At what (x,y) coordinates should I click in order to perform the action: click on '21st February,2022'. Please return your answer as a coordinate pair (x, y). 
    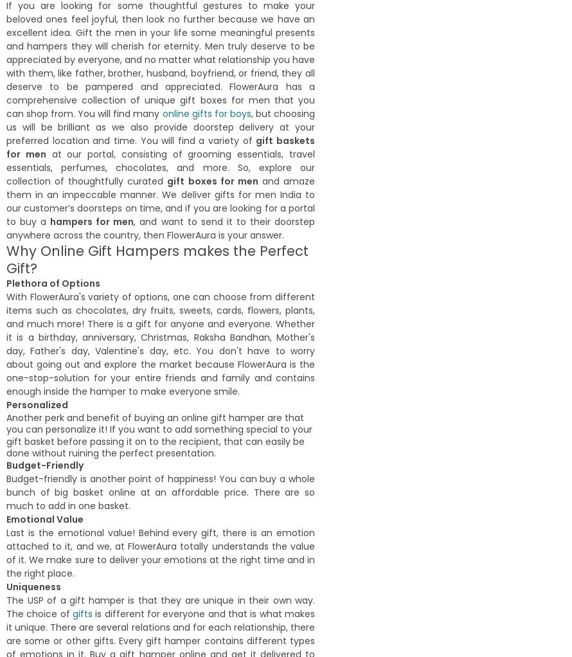
    Looking at the image, I should click on (79, 622).